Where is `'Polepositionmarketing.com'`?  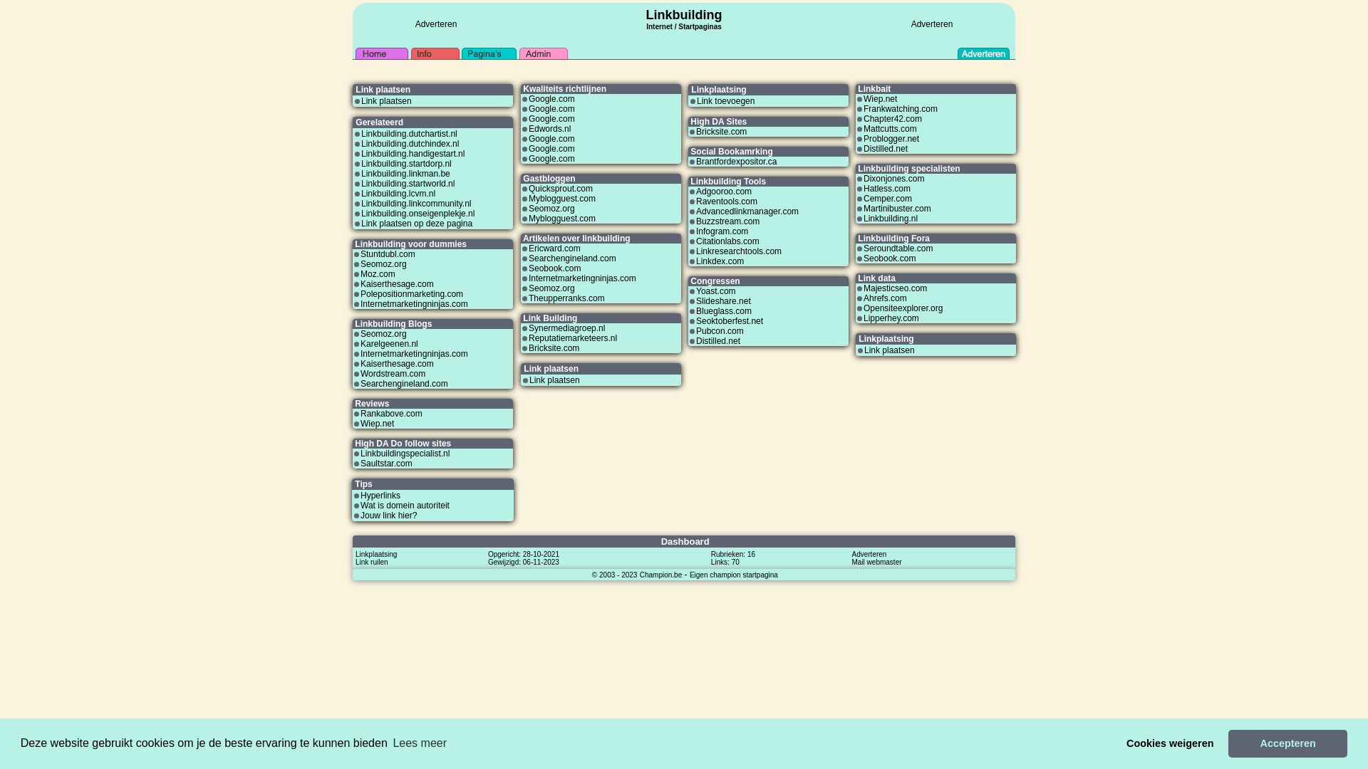 'Polepositionmarketing.com' is located at coordinates (410, 293).